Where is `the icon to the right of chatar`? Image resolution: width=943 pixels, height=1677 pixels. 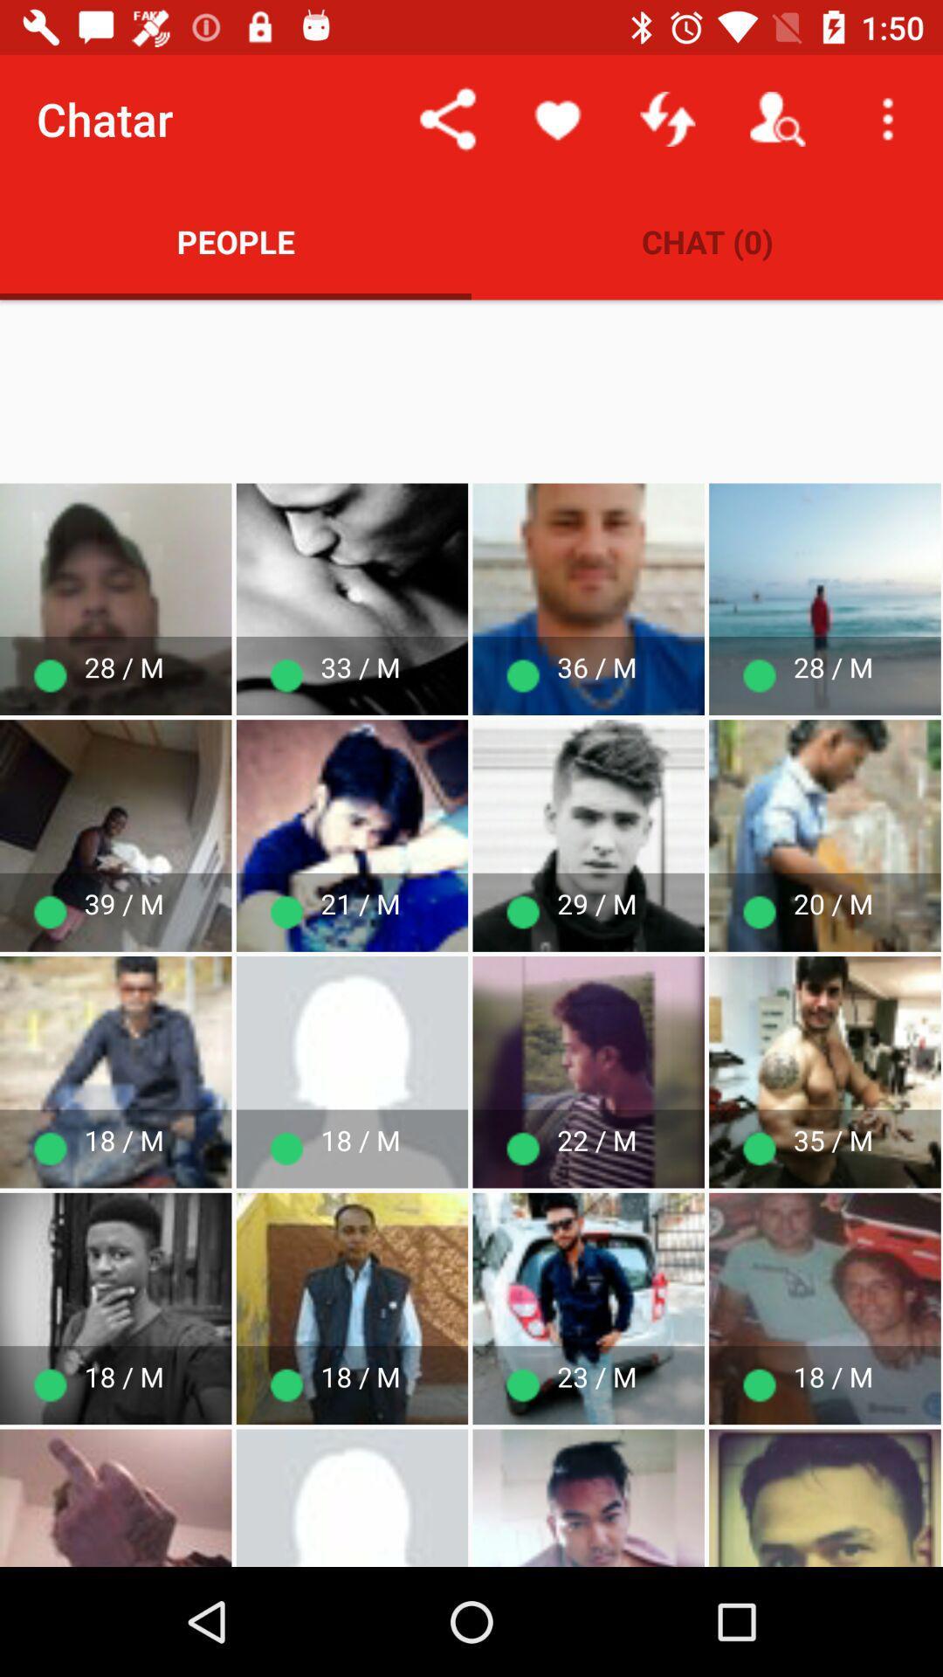 the icon to the right of chatar is located at coordinates (447, 118).